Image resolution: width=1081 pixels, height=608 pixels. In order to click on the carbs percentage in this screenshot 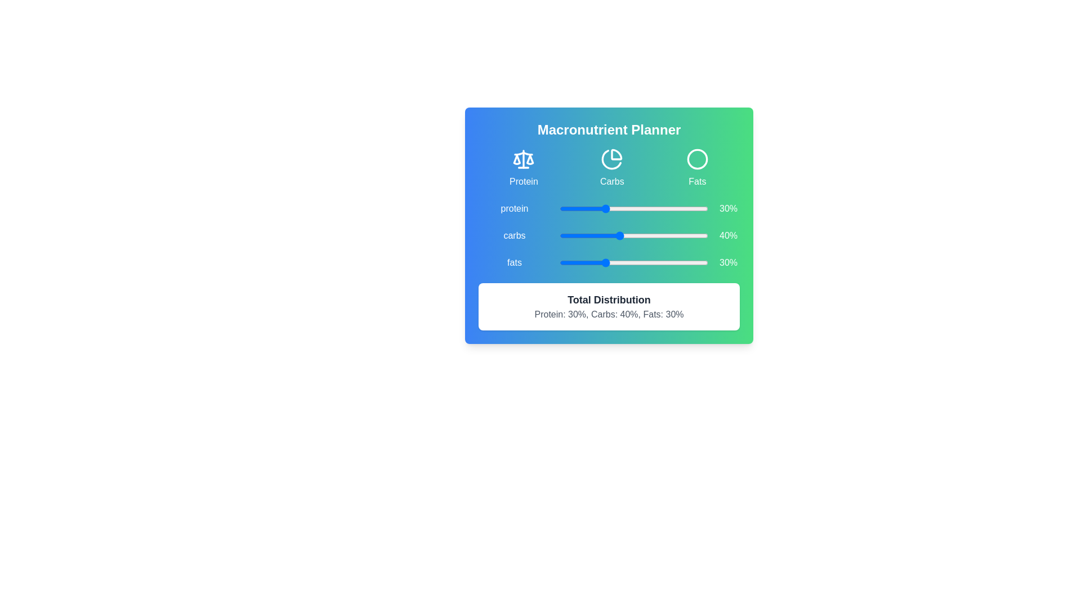, I will do `click(608, 235)`.